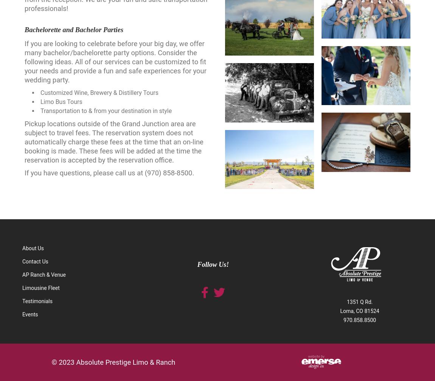 The height and width of the screenshot is (381, 435). I want to click on 'Limo Bus Tours', so click(40, 102).